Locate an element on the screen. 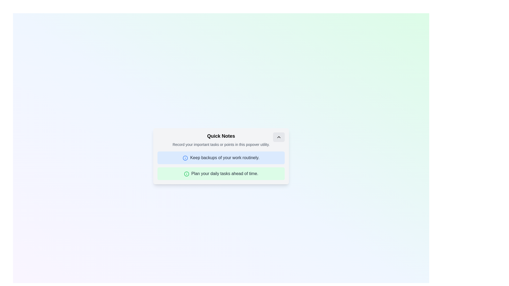 Image resolution: width=509 pixels, height=286 pixels. the circular information icon, which features a blue ring and a centered blue 'i', located to the left of the text 'Keep backups of your work routinely.' is located at coordinates (185, 158).